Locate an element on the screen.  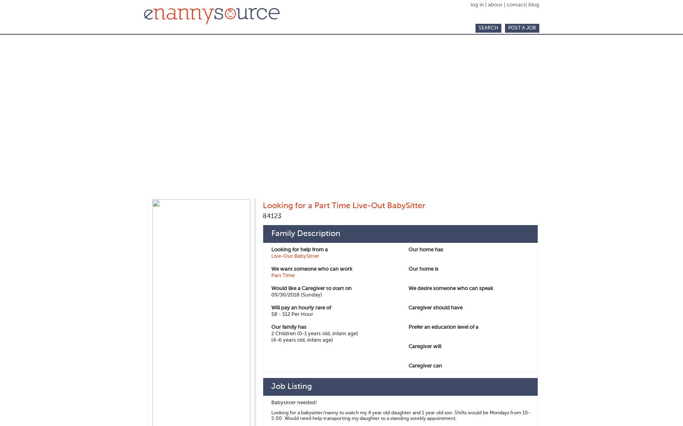
'Caregiver will' is located at coordinates (424, 346).